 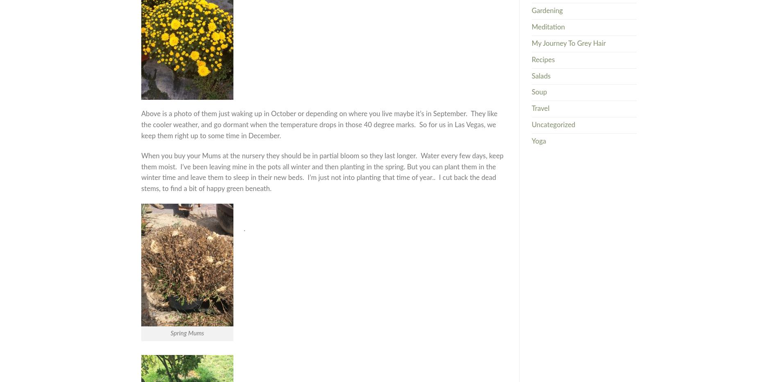 I want to click on 'Meditation', so click(x=547, y=27).